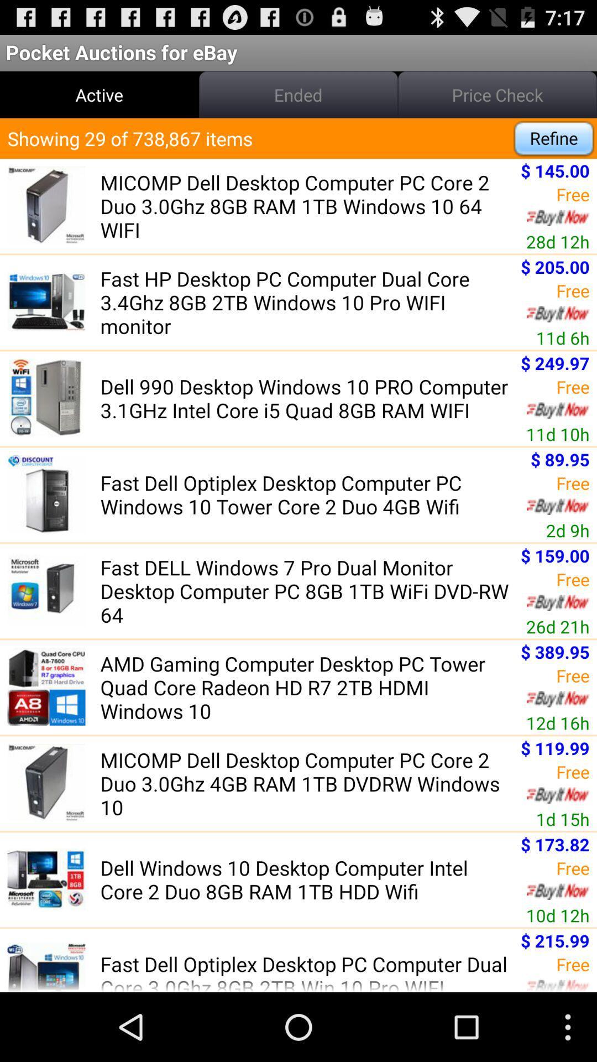  What do you see at coordinates (558, 241) in the screenshot?
I see `the 28d 12h app` at bounding box center [558, 241].